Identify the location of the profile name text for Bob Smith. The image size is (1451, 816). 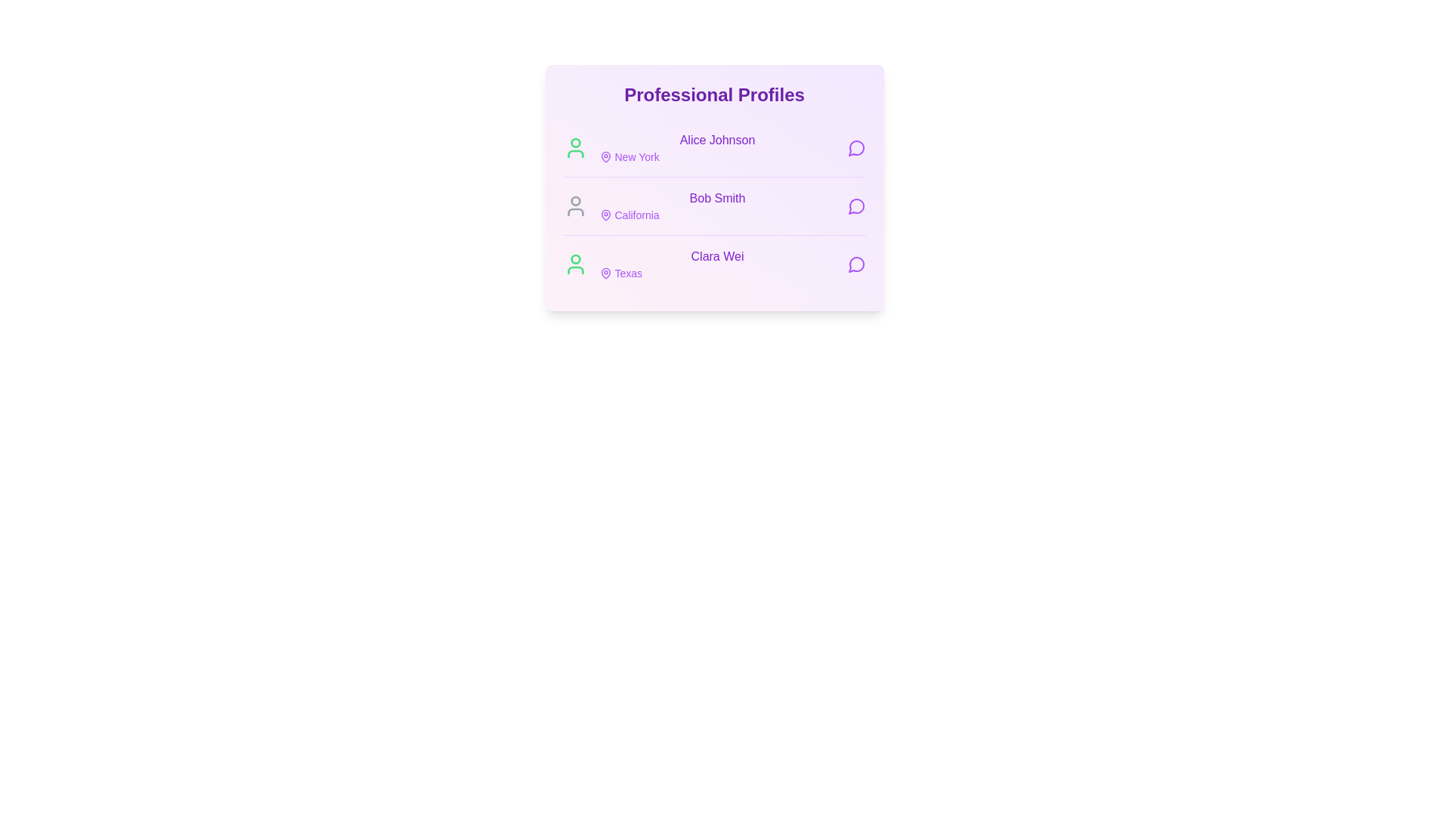
(716, 197).